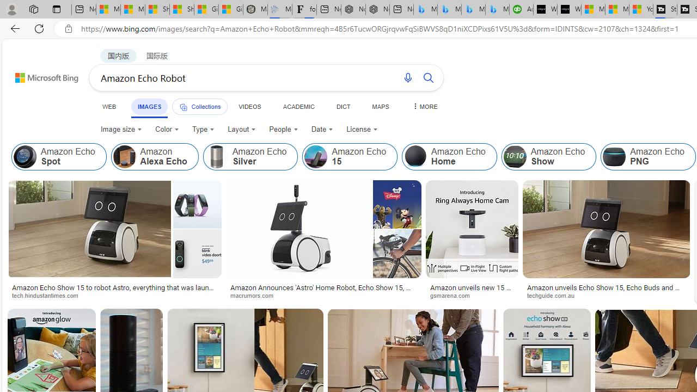 The image size is (697, 392). Describe the element at coordinates (241, 128) in the screenshot. I see `'Layout'` at that location.